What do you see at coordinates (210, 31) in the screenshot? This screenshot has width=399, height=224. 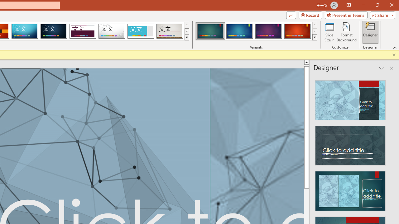 I see `'Ion Variant 1'` at bounding box center [210, 31].